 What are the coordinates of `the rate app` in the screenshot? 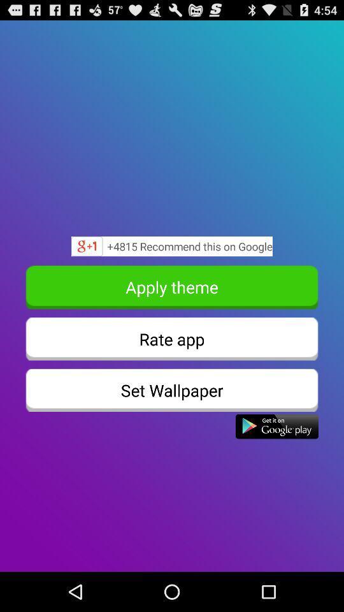 It's located at (172, 338).